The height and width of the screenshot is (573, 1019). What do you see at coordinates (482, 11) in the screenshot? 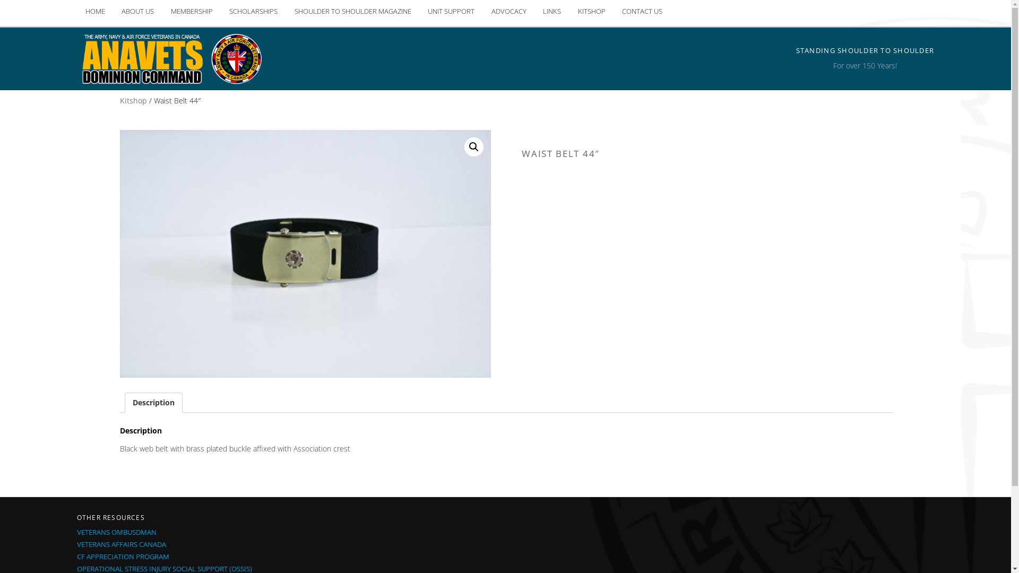
I see `'ADVOCACY'` at bounding box center [482, 11].